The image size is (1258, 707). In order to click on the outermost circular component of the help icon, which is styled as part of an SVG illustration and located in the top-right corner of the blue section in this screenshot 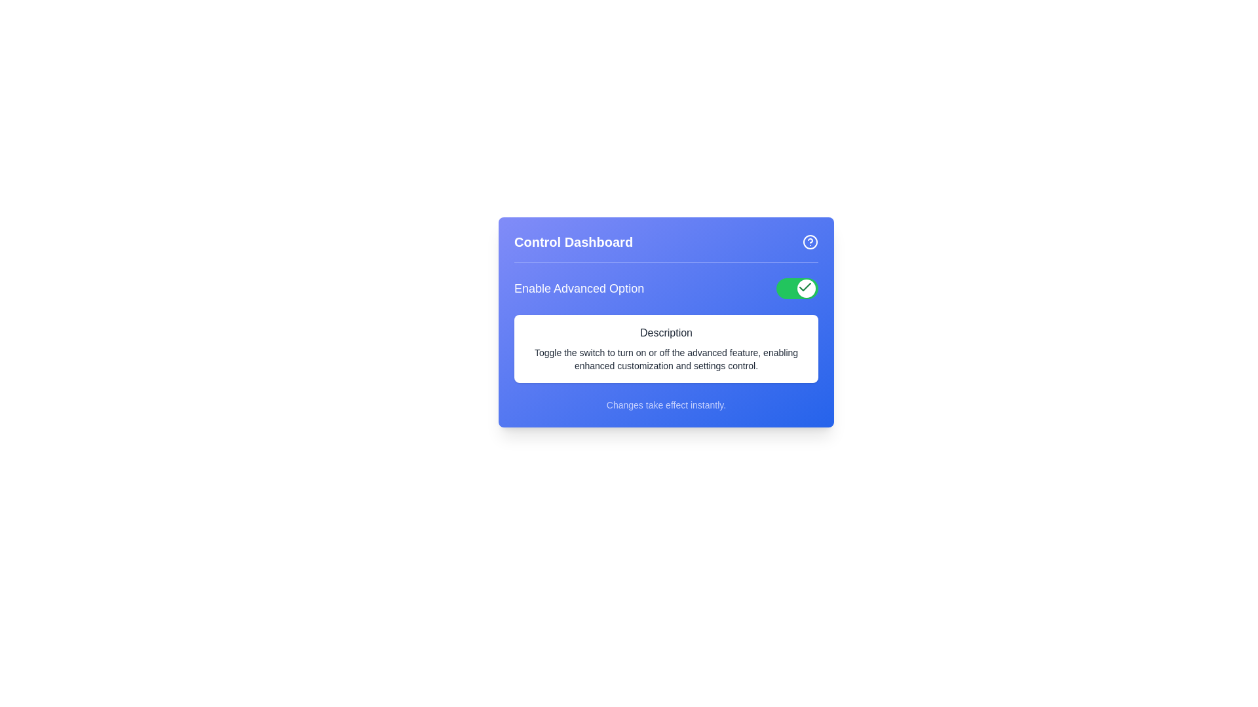, I will do `click(810, 242)`.